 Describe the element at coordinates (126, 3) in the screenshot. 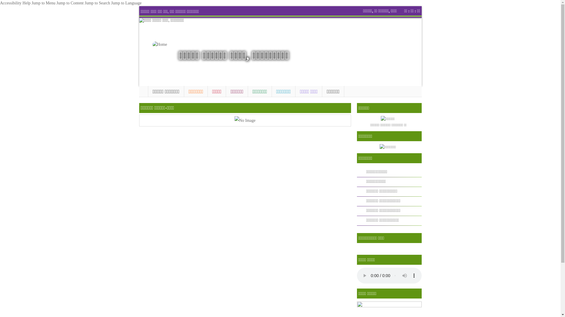

I see `'Jump to Language'` at that location.